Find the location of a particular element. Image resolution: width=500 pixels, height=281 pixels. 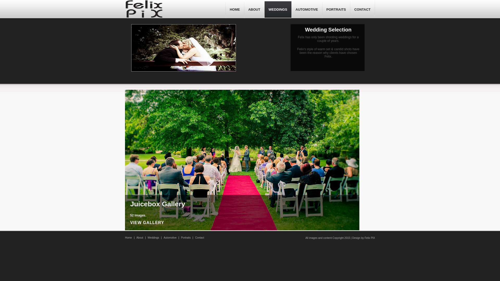

'Weddings' is located at coordinates (153, 238).